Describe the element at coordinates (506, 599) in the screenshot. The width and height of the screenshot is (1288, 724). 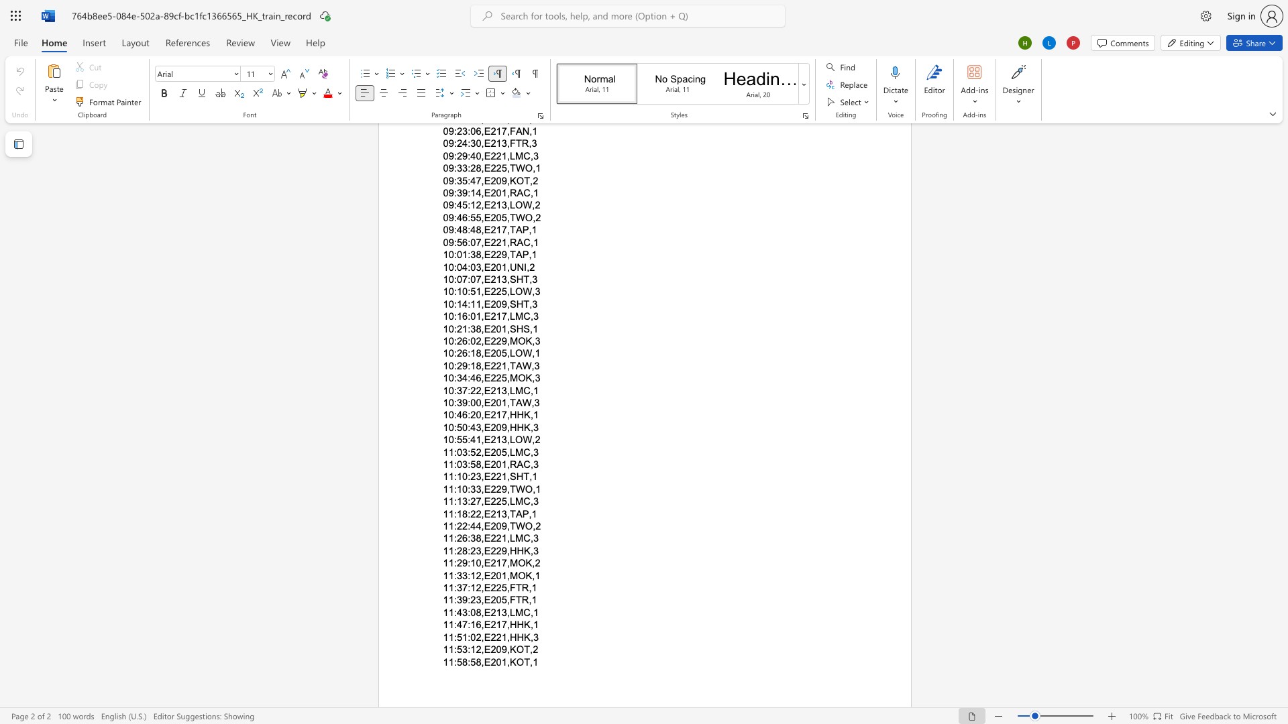
I see `the subset text ",FTR,1" within the text "11:39:23,E205,FTR,1"` at that location.